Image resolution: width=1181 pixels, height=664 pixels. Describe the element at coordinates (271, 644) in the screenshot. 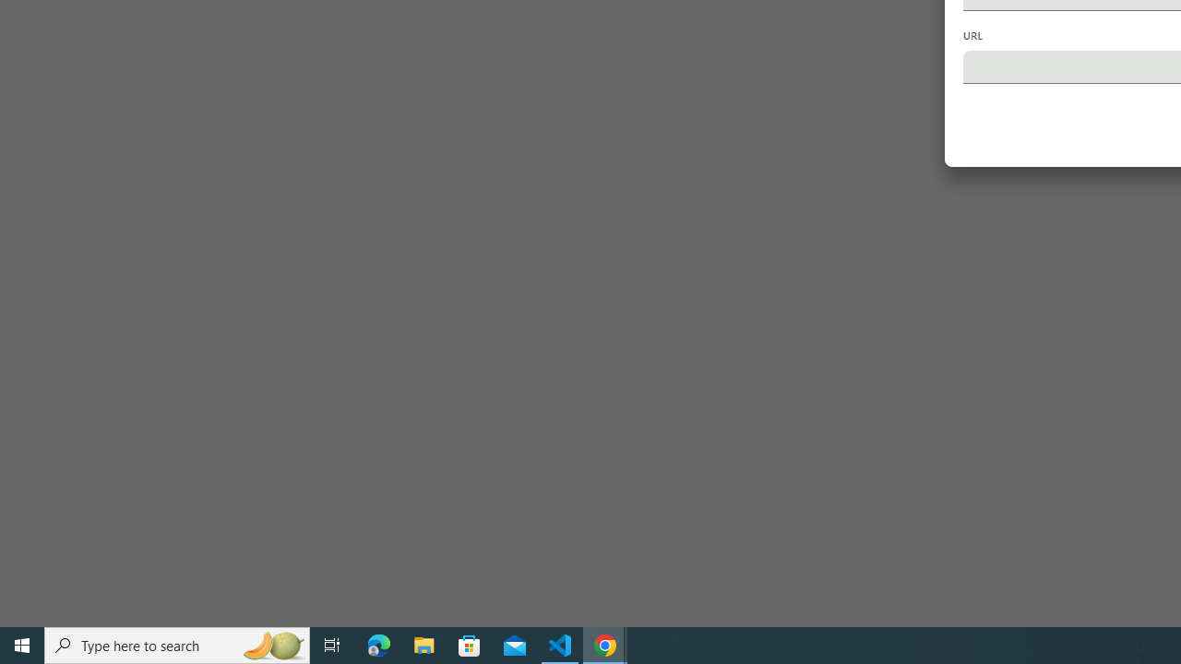

I see `'Search highlights icon opens search home window'` at that location.